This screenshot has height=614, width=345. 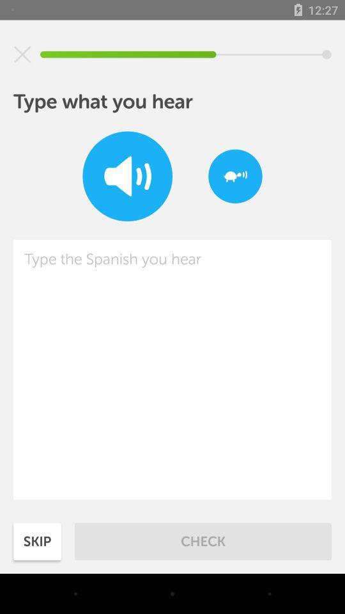 What do you see at coordinates (22, 54) in the screenshot?
I see `the icon above the type what you item` at bounding box center [22, 54].